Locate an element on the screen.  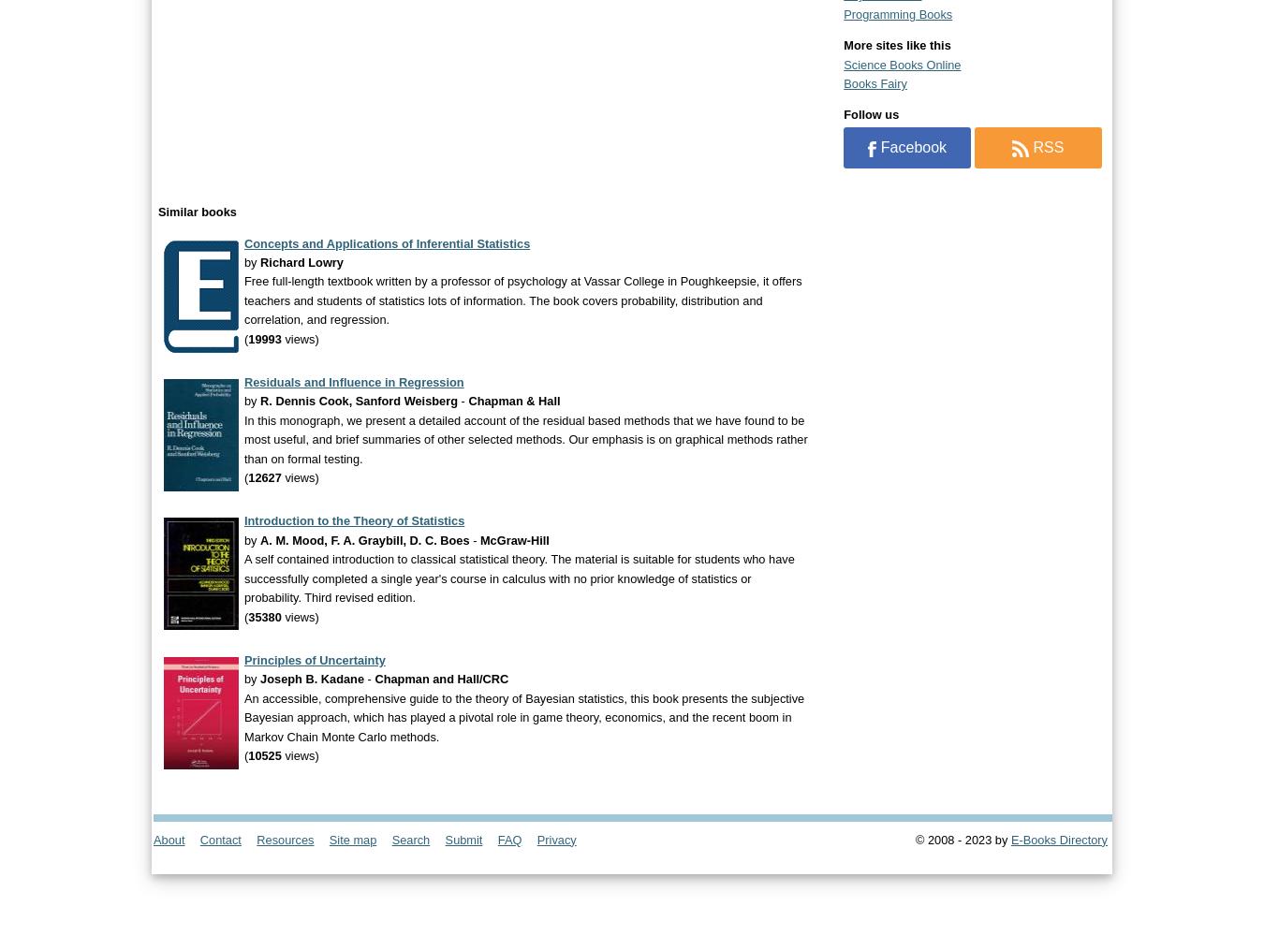
'Concepts and Applications of Inferential Statistics' is located at coordinates (387, 242).